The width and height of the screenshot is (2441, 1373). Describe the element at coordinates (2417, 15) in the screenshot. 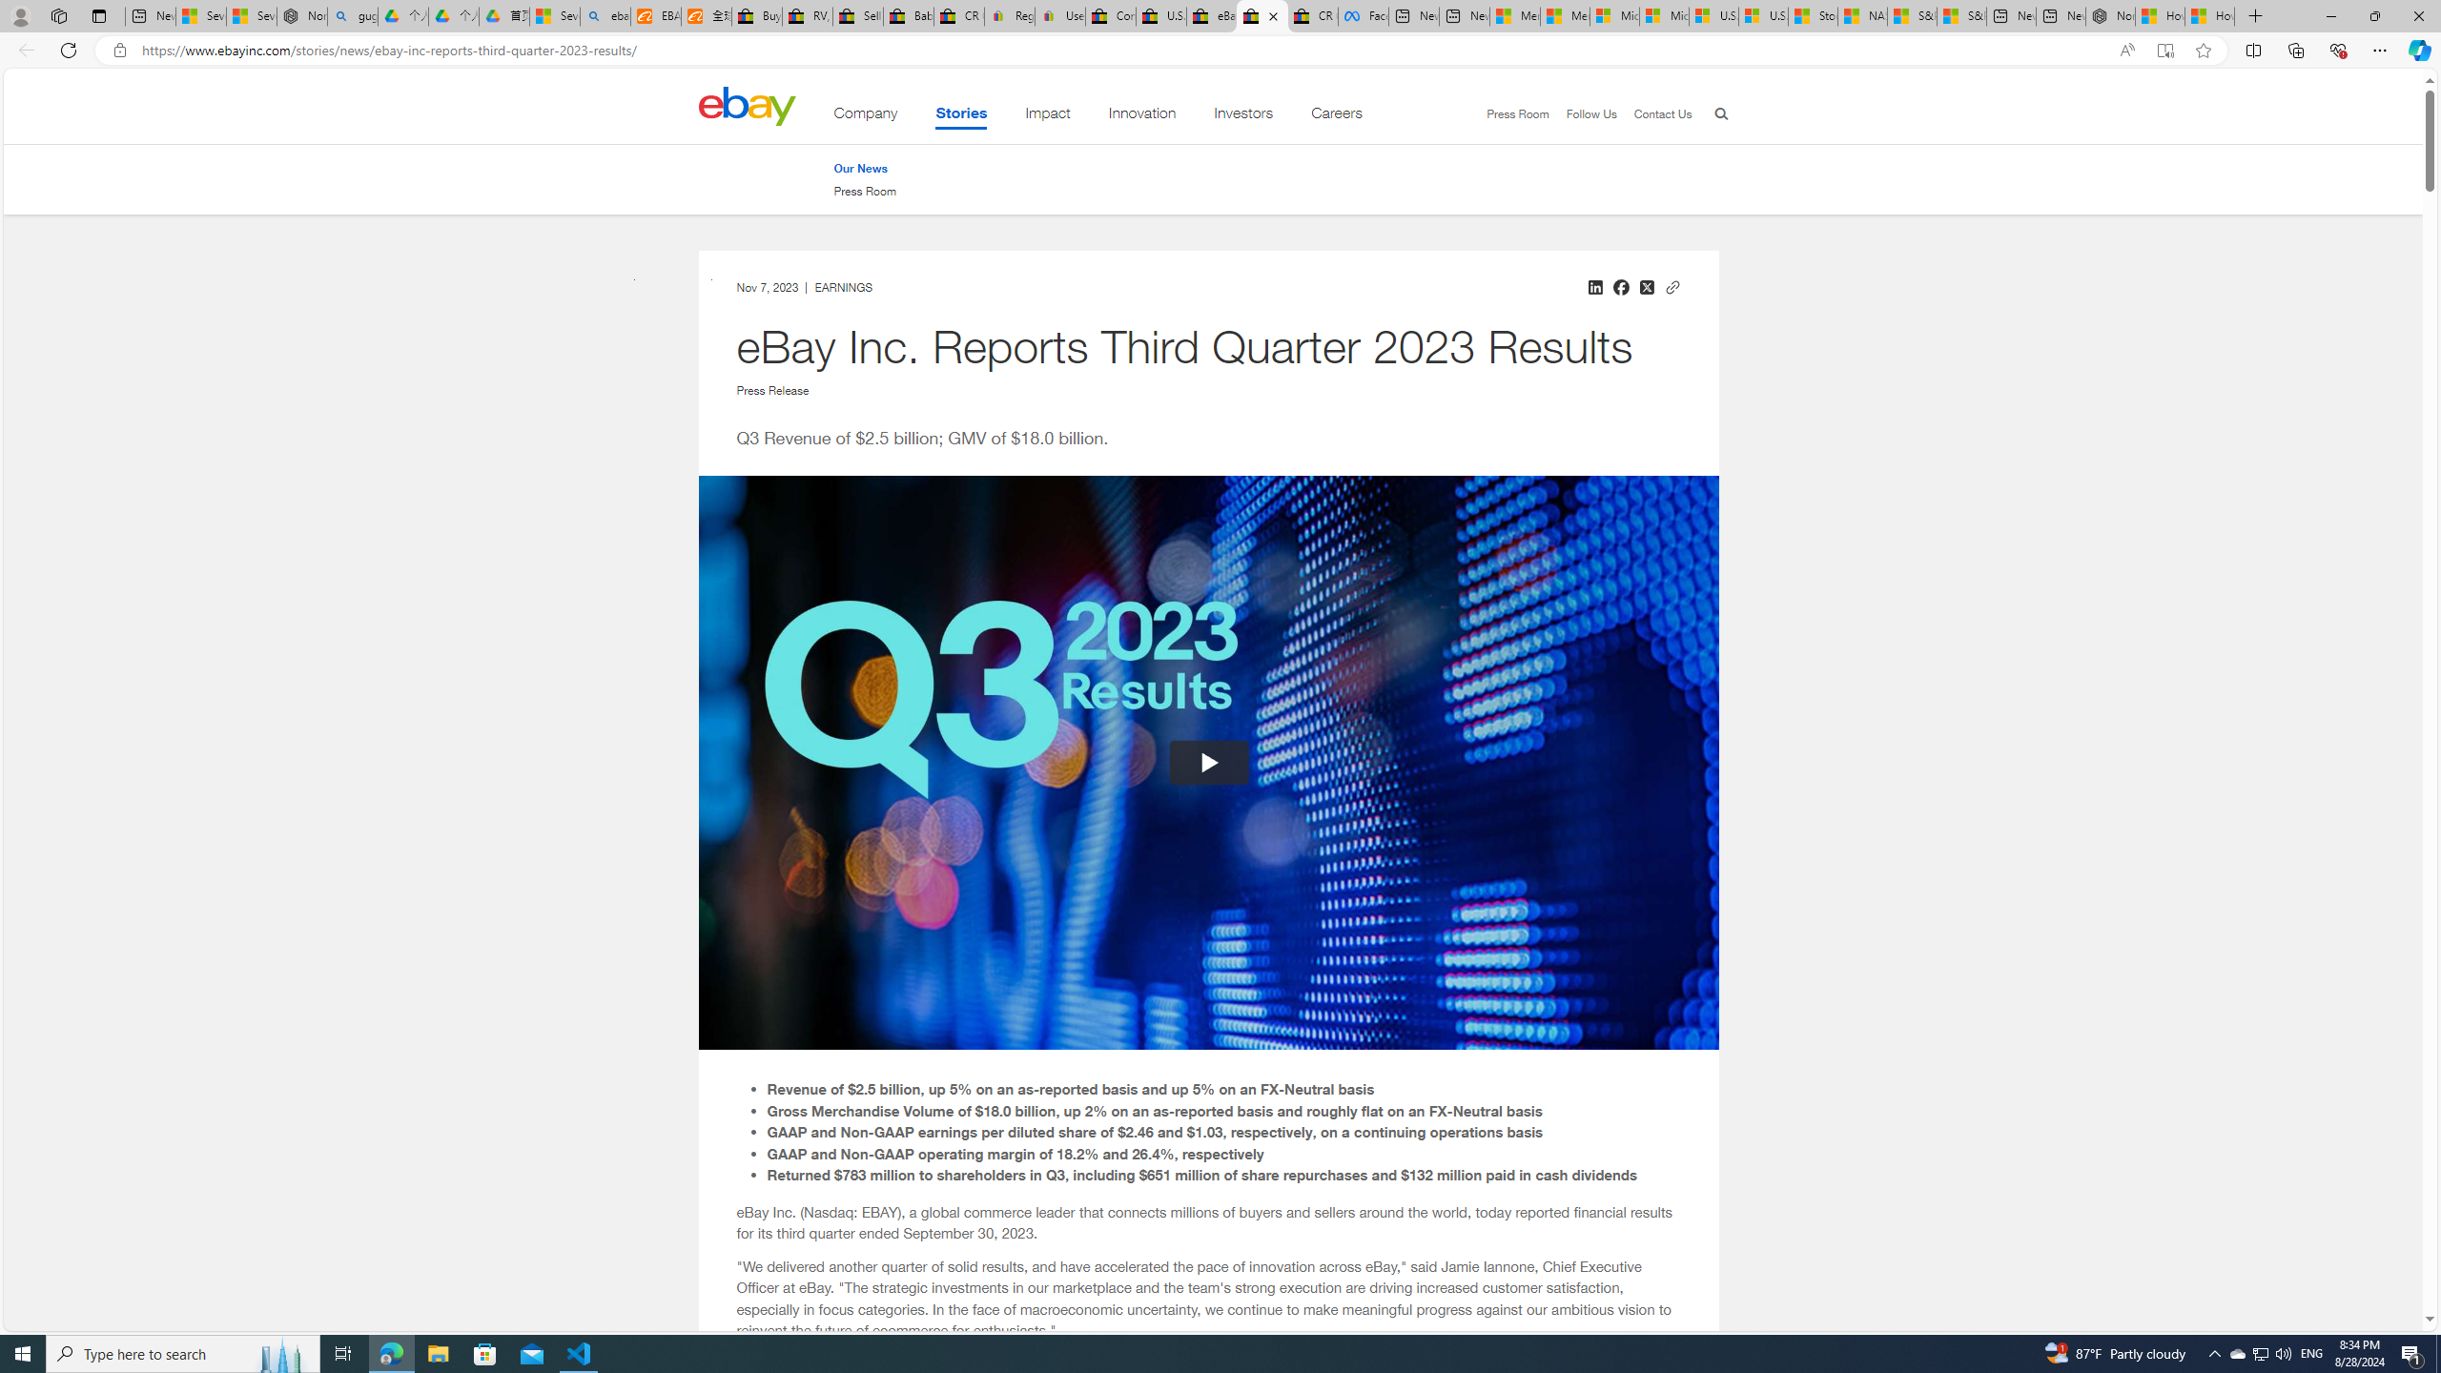

I see `'Close'` at that location.